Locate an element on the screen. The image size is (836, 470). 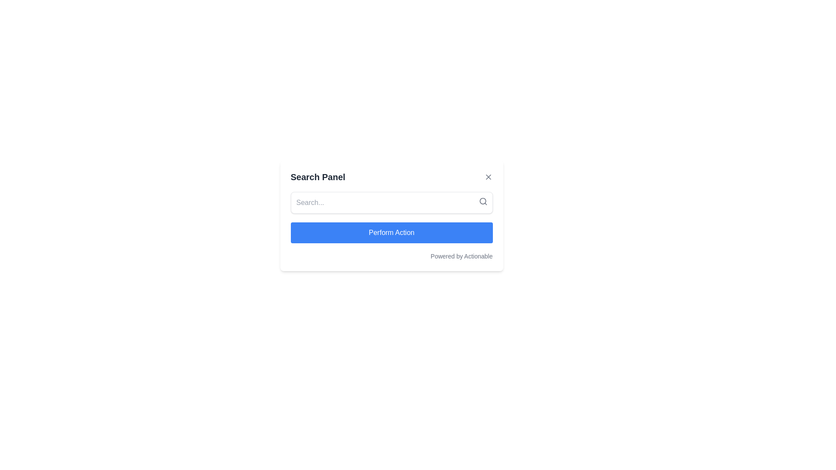
the circular icon within the magnifying glass graphic, which is associated with search functionality, located to the right of the 'Search...' input field is located at coordinates (482, 201).